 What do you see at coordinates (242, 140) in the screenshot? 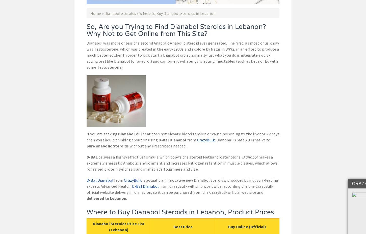
I see `'. Dianobal is Safe Alternative to'` at bounding box center [242, 140].